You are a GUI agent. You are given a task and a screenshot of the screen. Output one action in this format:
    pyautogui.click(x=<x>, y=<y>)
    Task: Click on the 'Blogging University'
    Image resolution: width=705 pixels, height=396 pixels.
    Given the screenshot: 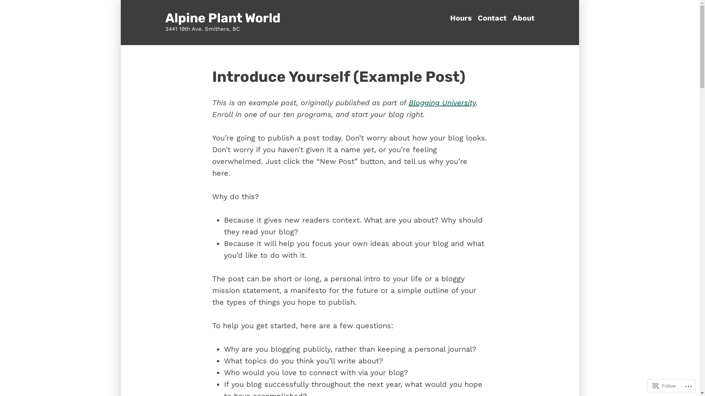 What is the action you would take?
    pyautogui.click(x=441, y=103)
    